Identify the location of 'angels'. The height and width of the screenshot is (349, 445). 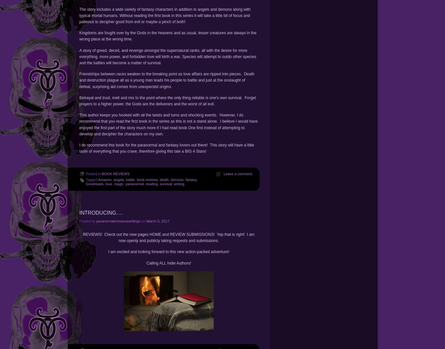
(118, 179).